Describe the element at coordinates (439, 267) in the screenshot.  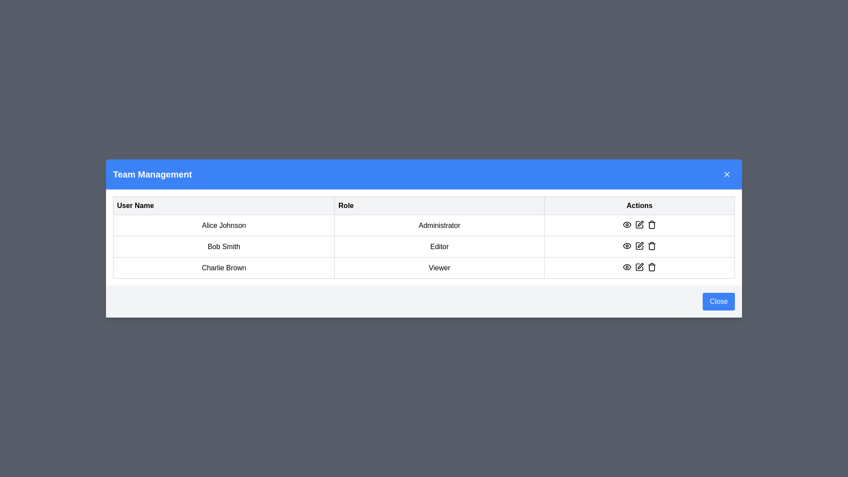
I see `the Static Text Display that shows 'Viewer' for user 'Charlie Brown' in the second cell of the 'Role' column` at that location.